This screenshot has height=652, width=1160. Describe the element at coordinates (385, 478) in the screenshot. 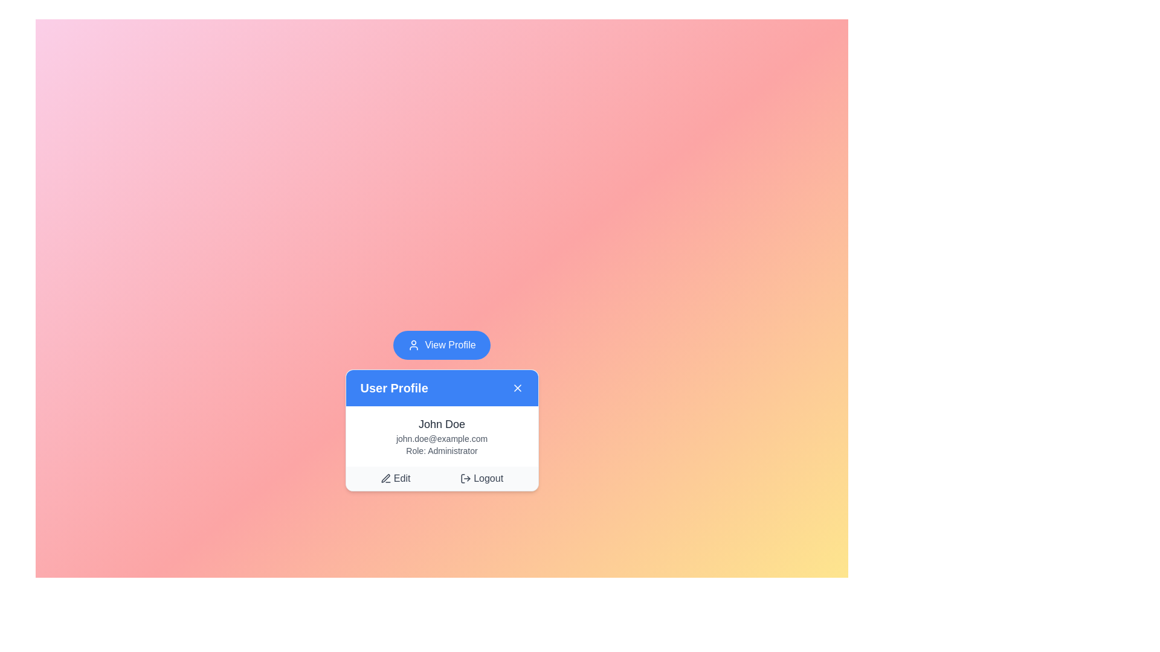

I see `the small, stylized pen icon located to the left of the 'Edit' text in the button at the bottom-left corner of the user profile card` at that location.